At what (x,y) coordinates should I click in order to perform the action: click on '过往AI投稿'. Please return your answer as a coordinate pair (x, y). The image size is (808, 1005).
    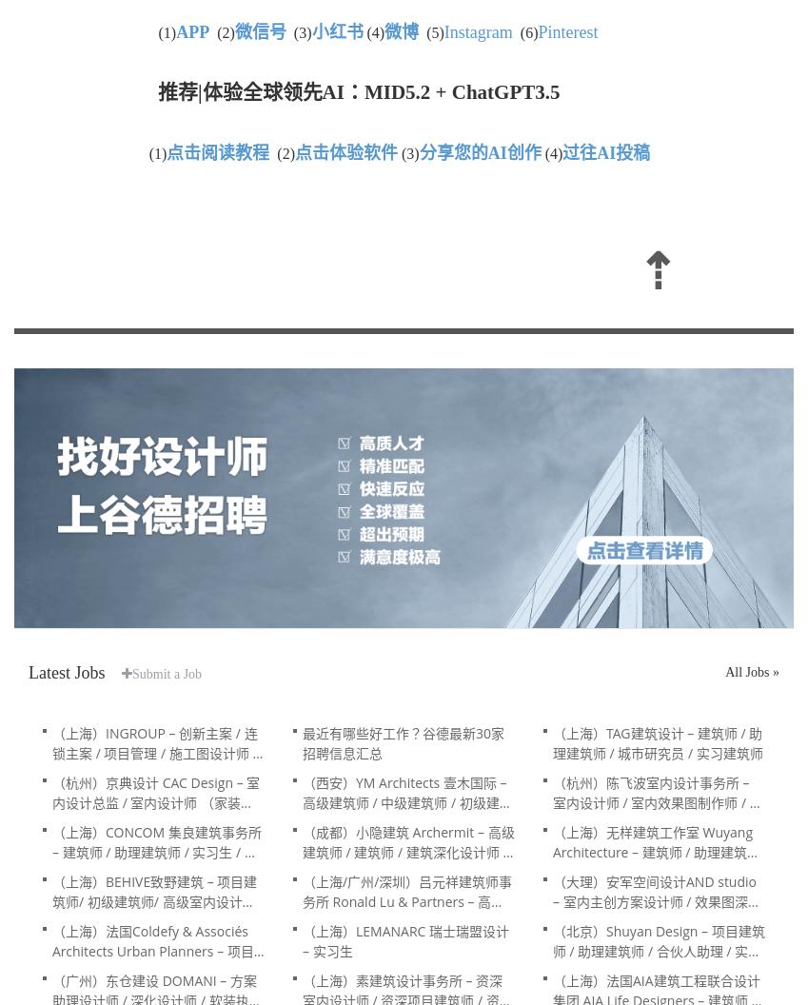
    Looking at the image, I should click on (561, 153).